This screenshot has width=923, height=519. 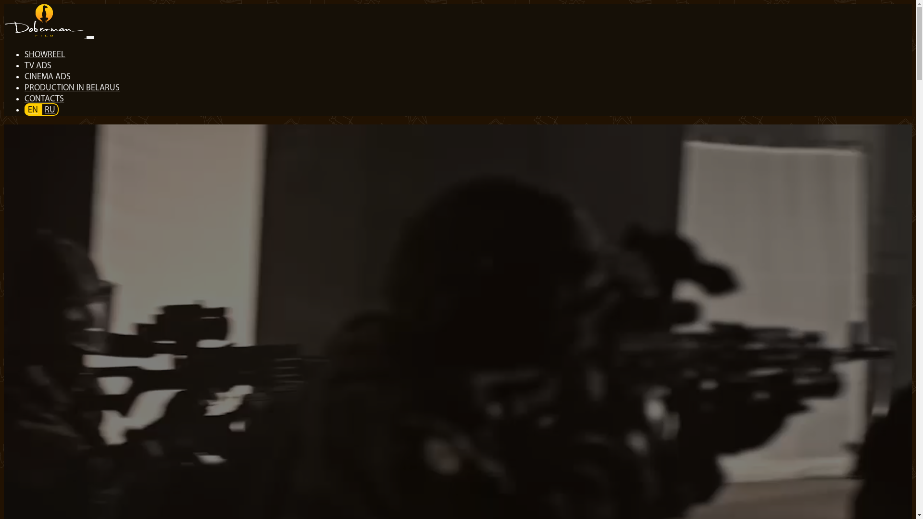 I want to click on 'SHOWREEL', so click(x=24, y=55).